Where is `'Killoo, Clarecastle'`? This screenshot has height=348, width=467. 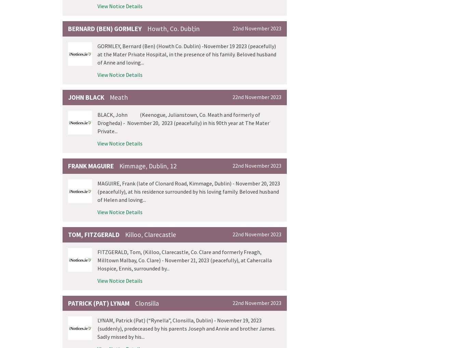 'Killoo, Clarecastle' is located at coordinates (150, 234).